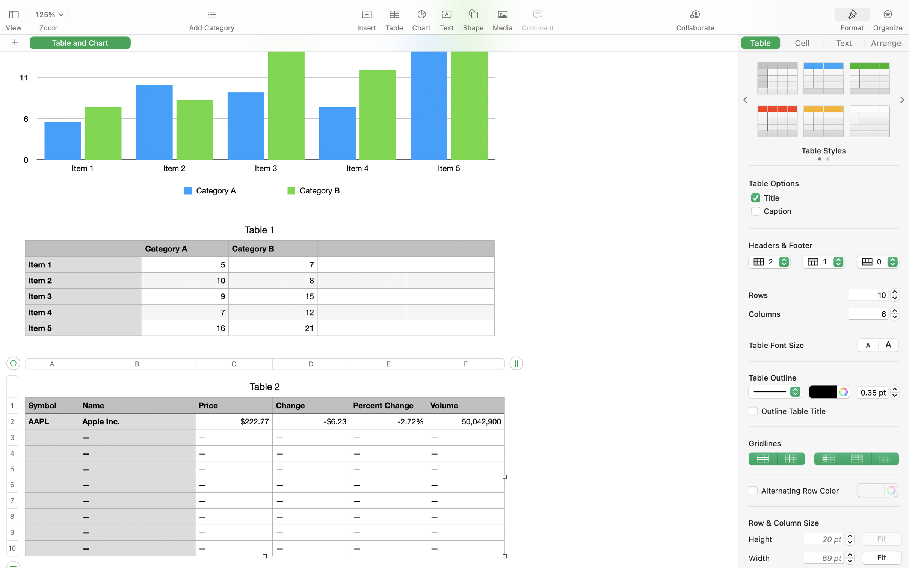  Describe the element at coordinates (868, 313) in the screenshot. I see `'6'` at that location.